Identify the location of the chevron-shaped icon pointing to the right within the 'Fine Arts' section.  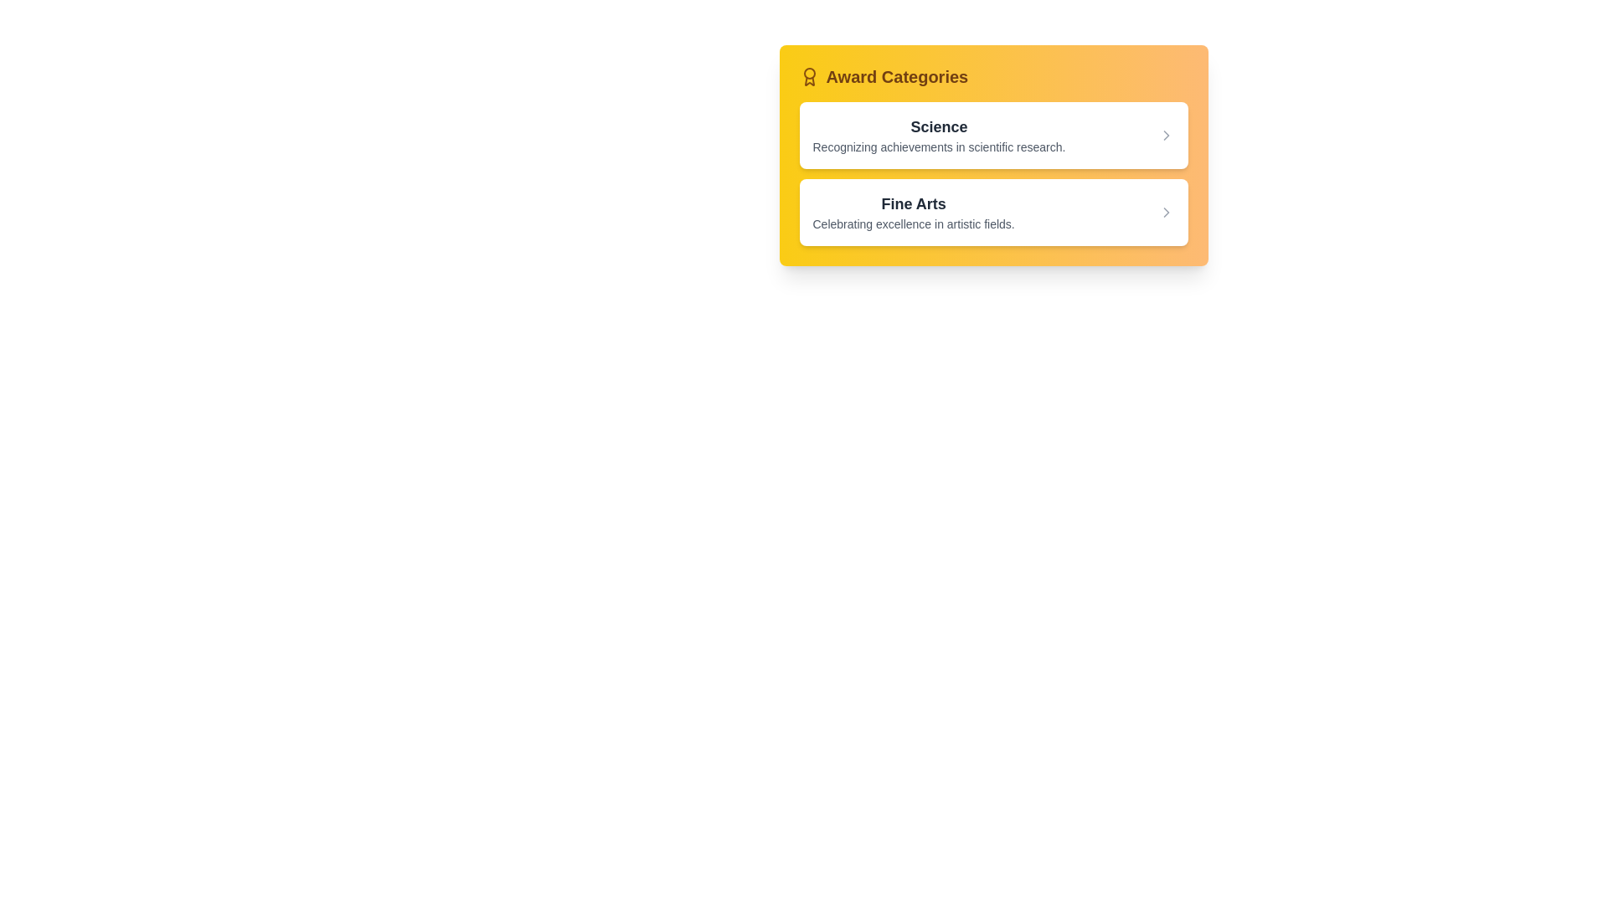
(1165, 212).